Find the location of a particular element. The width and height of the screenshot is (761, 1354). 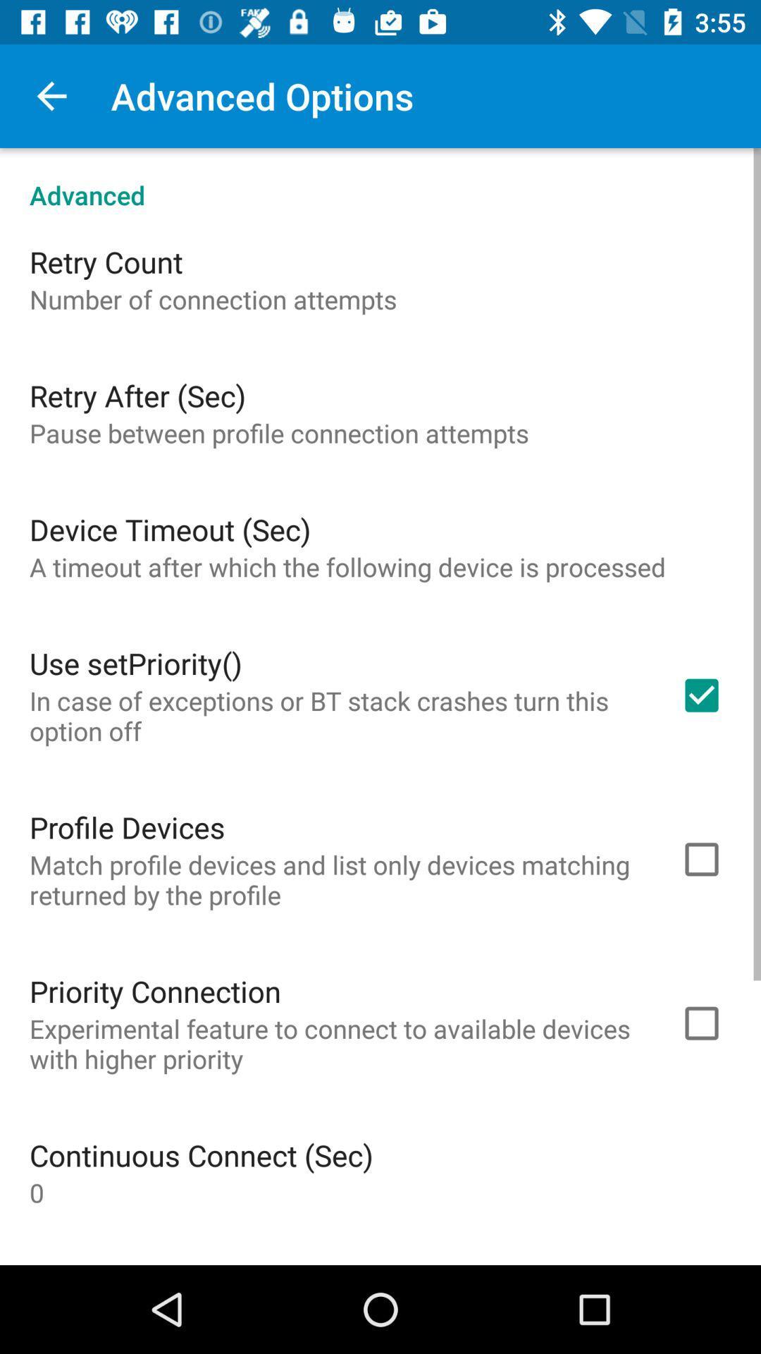

the icon above retry after (sec) is located at coordinates (213, 298).